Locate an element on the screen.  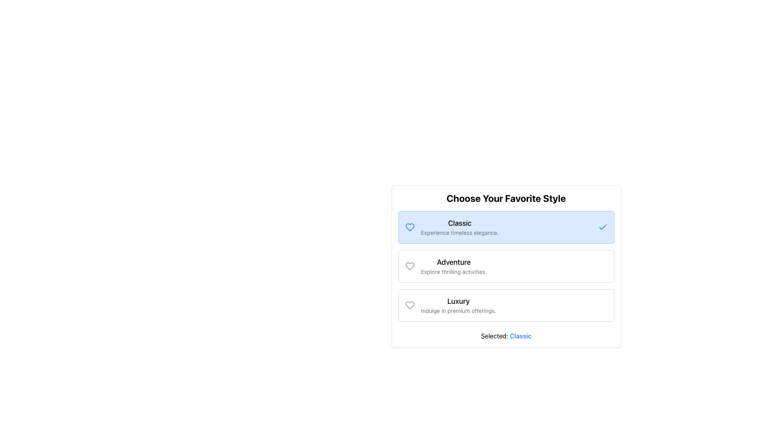
the surrounding selection area to choose the 'Classic' option in the style selection menu, identified by its title text label positioned at the top of the list under 'Choose Your Favorite Style' is located at coordinates (460, 223).